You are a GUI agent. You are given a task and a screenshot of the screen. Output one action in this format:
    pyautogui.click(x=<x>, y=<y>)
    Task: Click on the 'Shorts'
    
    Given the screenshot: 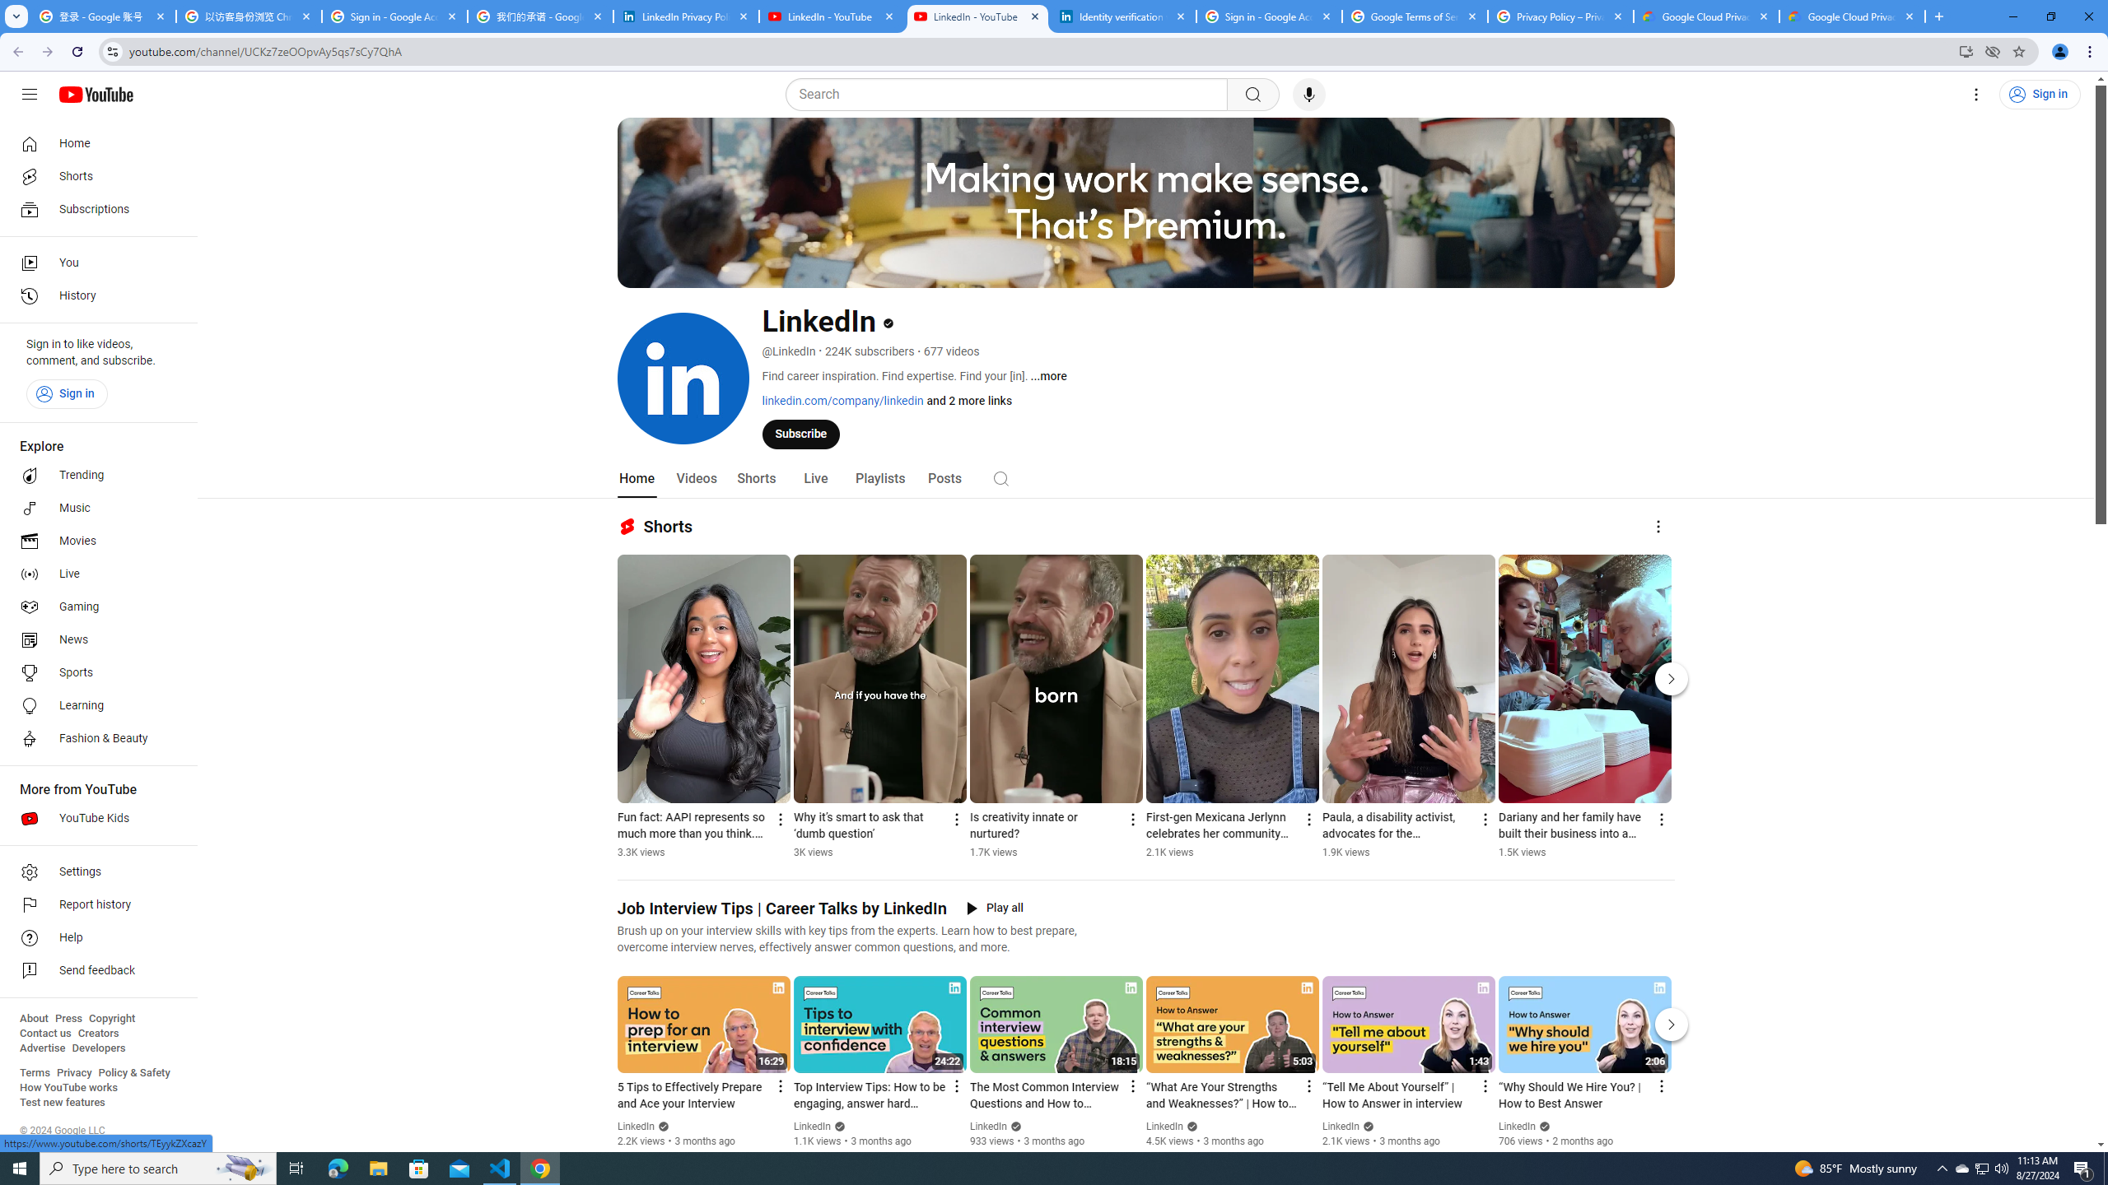 What is the action you would take?
    pyautogui.click(x=755, y=478)
    